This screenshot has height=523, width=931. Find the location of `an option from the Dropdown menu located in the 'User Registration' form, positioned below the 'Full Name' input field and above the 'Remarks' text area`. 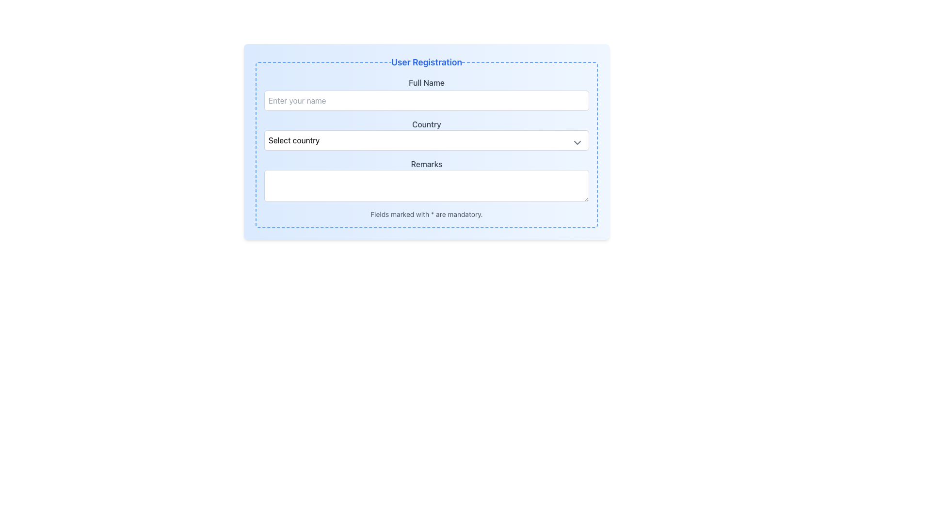

an option from the Dropdown menu located in the 'User Registration' form, positioned below the 'Full Name' input field and above the 'Remarks' text area is located at coordinates (426, 142).